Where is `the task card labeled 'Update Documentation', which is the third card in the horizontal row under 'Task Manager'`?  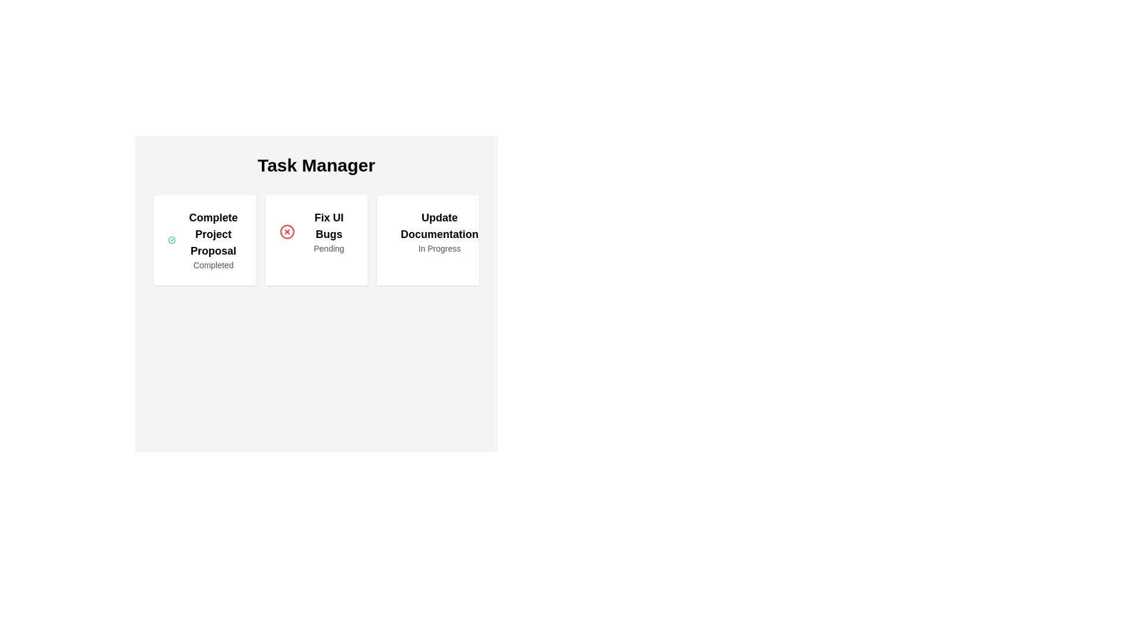 the task card labeled 'Update Documentation', which is the third card in the horizontal row under 'Task Manager' is located at coordinates (427, 231).